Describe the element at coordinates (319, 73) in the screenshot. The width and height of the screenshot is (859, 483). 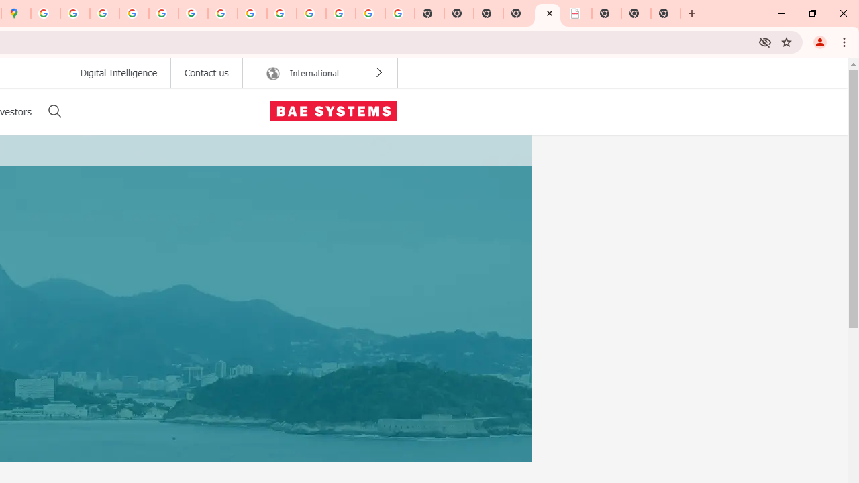
I see `'AutomationID: region-selector-top'` at that location.